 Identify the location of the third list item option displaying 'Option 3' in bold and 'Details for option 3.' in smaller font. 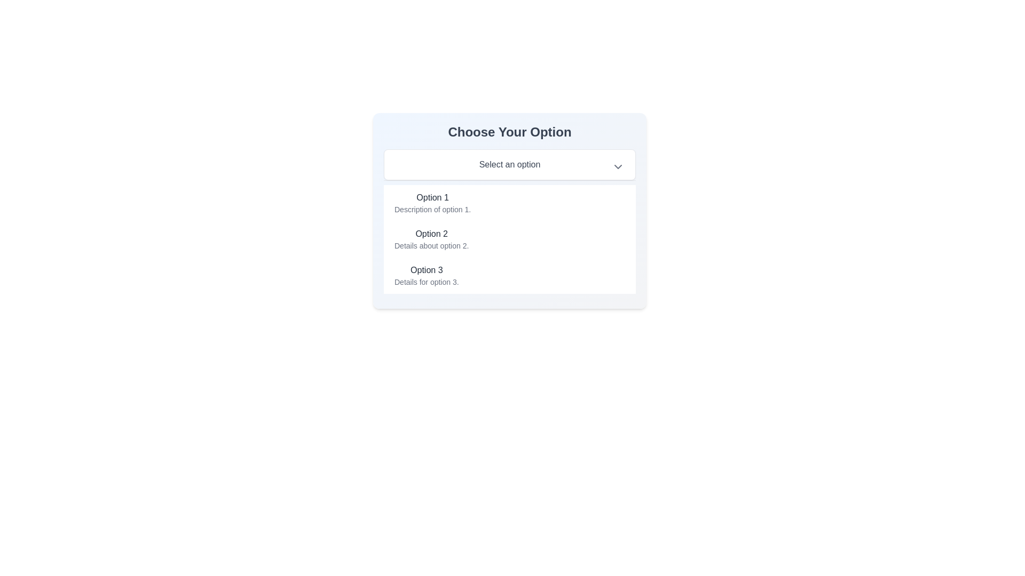
(509, 275).